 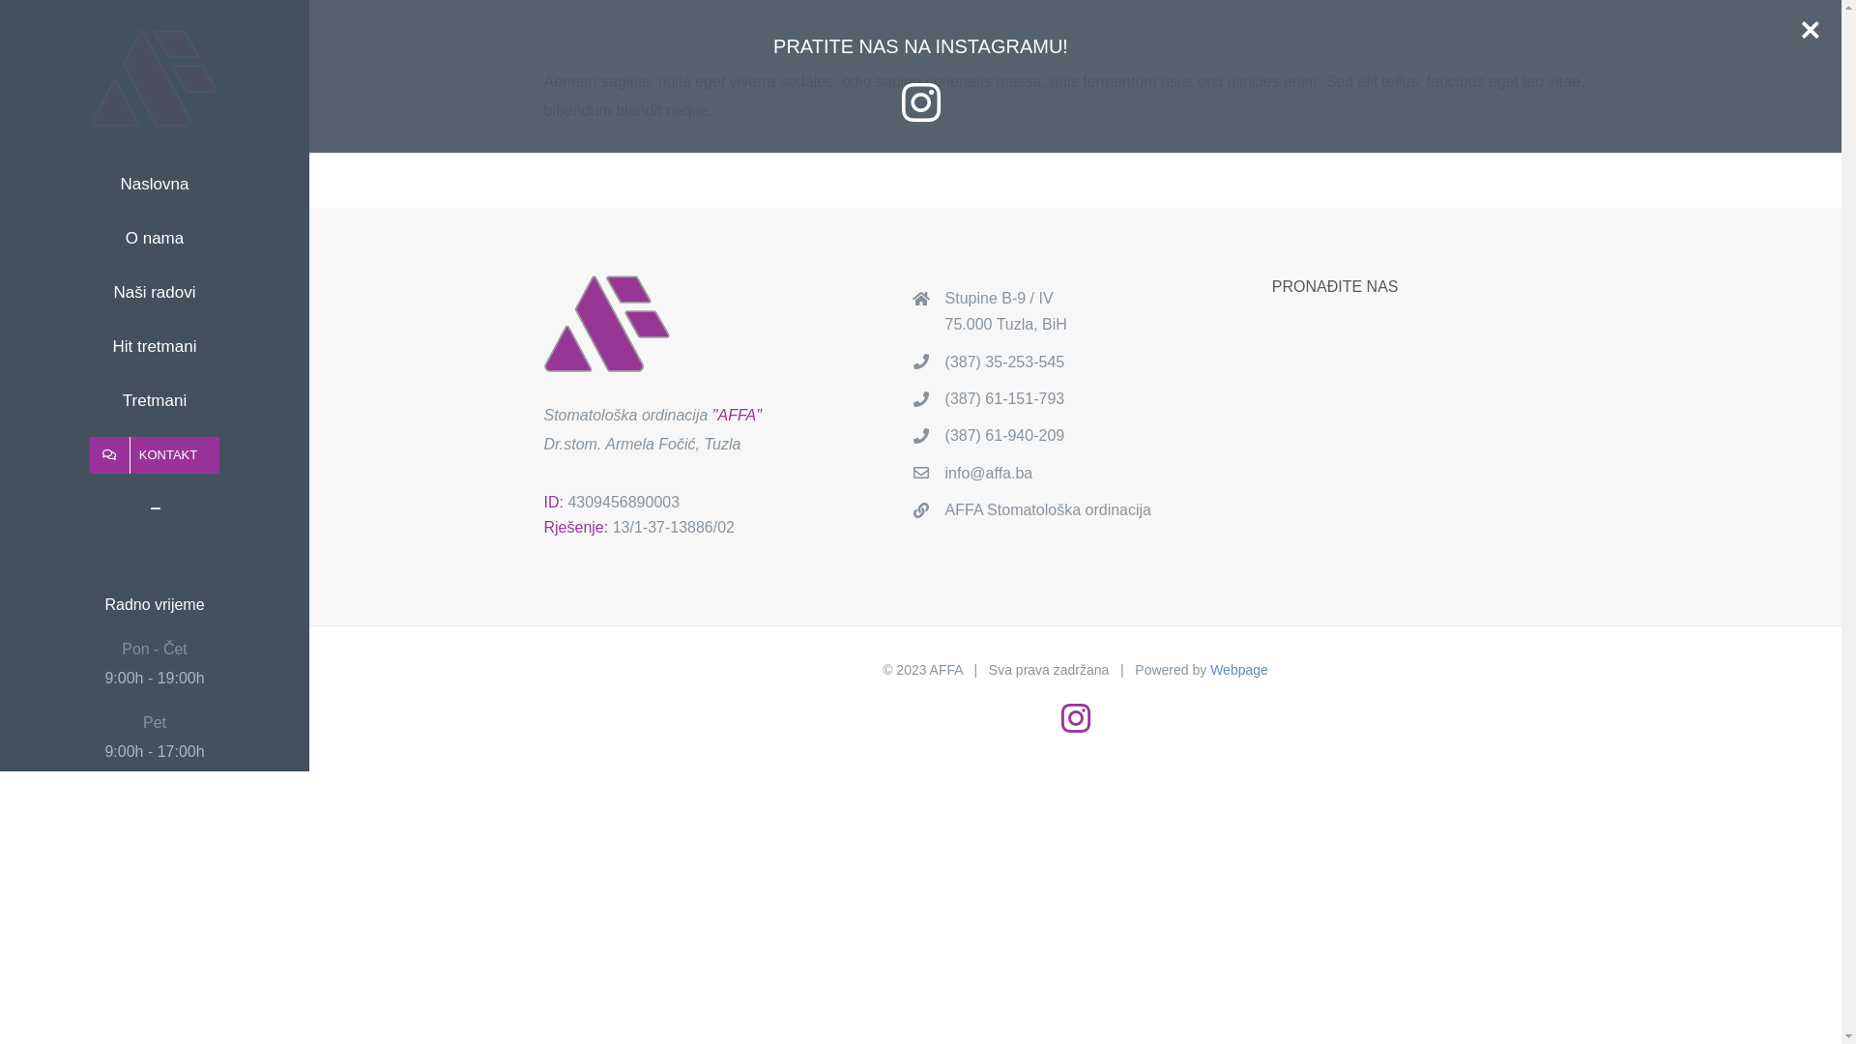 I want to click on 'Close Sliding Bar Area', so click(x=1804, y=19).